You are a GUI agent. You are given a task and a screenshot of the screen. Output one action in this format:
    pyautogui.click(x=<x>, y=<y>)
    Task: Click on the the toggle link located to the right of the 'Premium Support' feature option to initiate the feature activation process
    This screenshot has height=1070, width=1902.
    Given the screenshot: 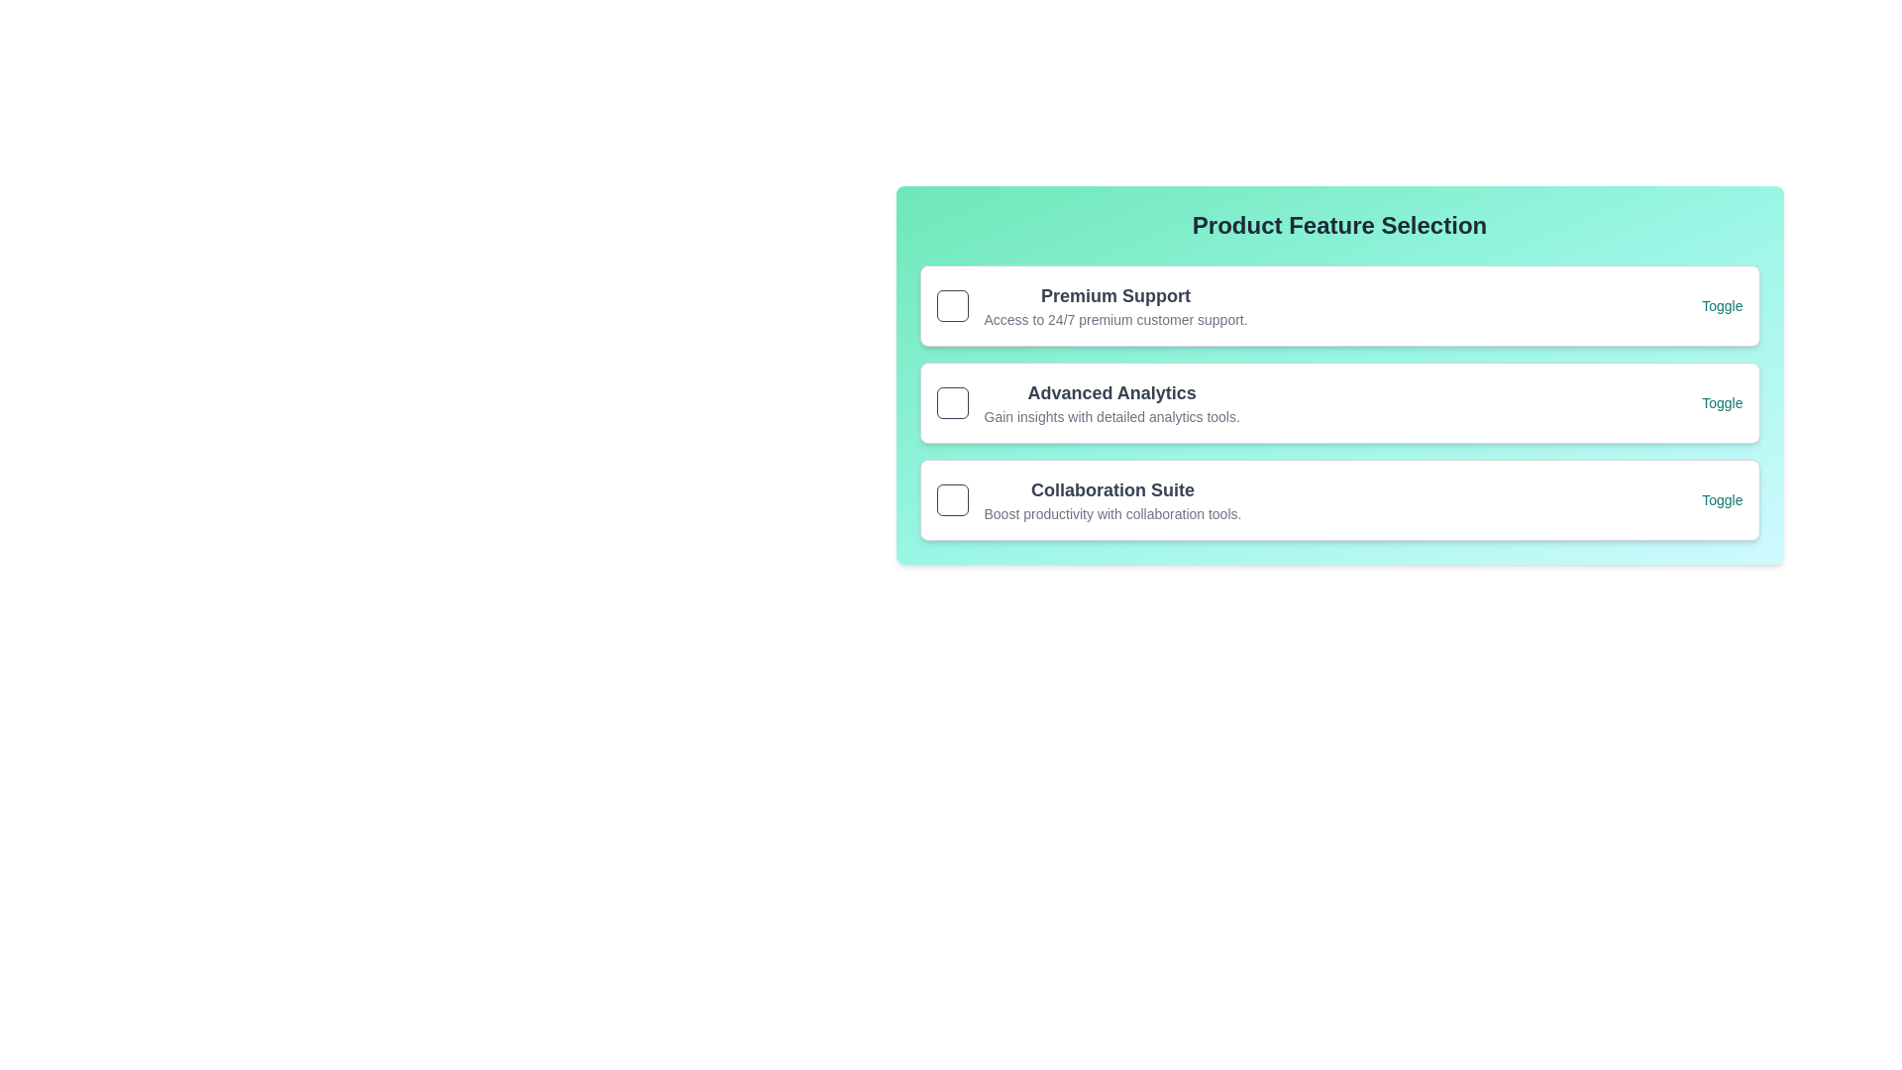 What is the action you would take?
    pyautogui.click(x=1721, y=305)
    